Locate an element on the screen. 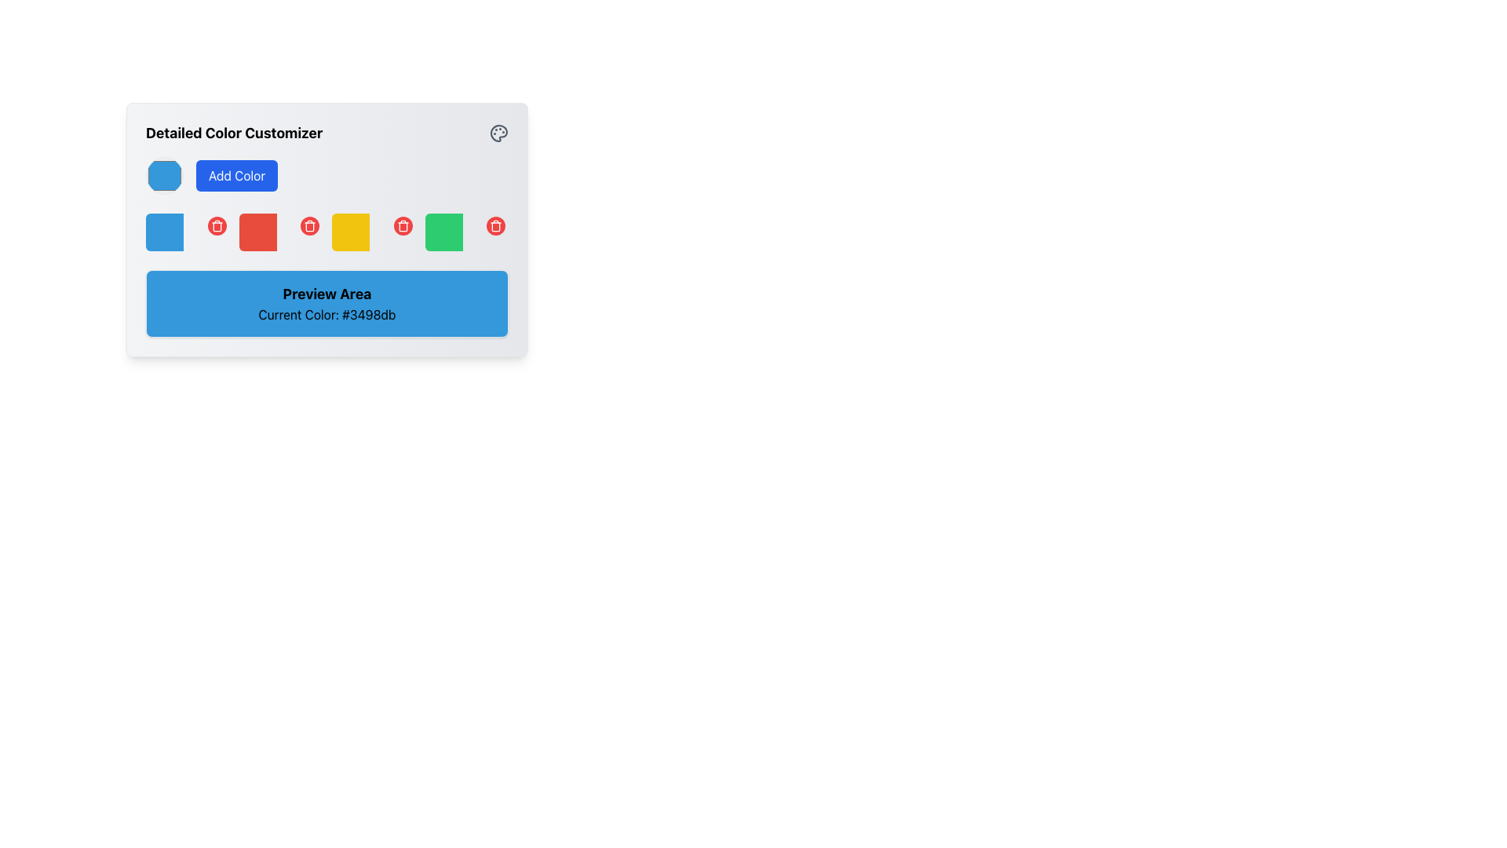 The width and height of the screenshot is (1507, 848). the small color palette icon located in the top-right corner of the 'Detailed Color Customizer' section is located at coordinates (498, 132).